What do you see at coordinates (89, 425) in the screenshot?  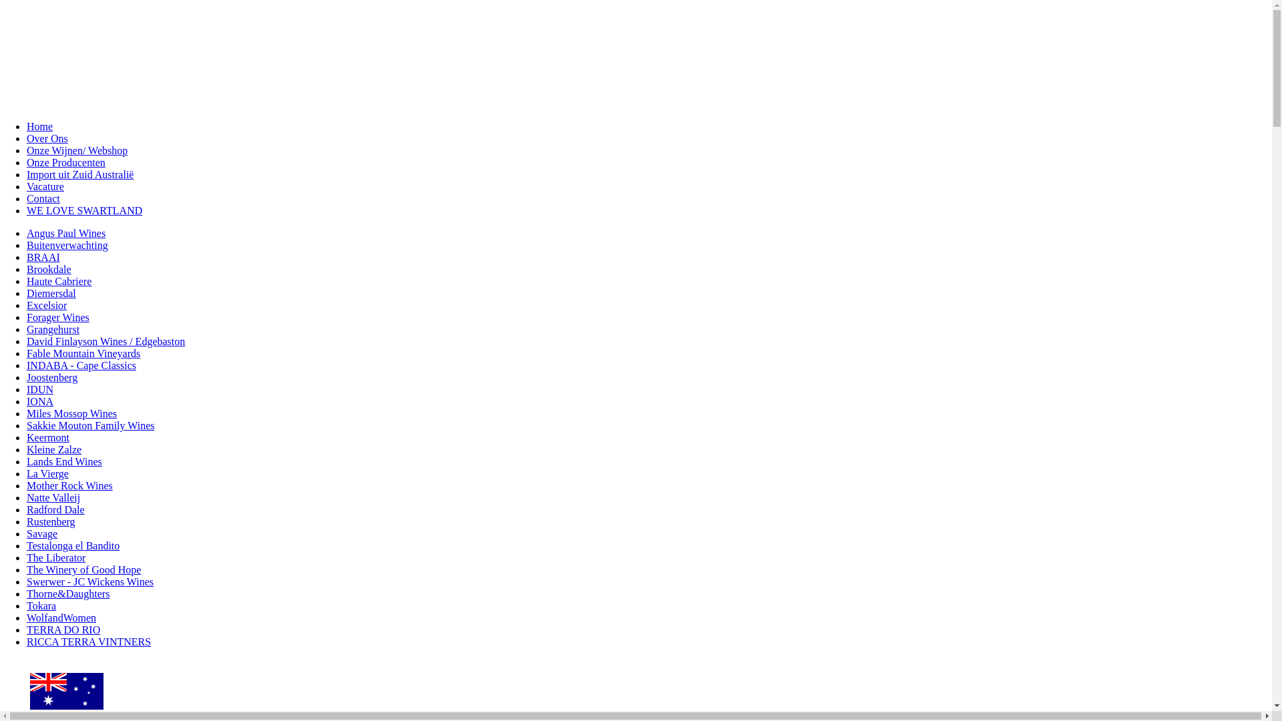 I see `'Sakkie Mouton Family Wines'` at bounding box center [89, 425].